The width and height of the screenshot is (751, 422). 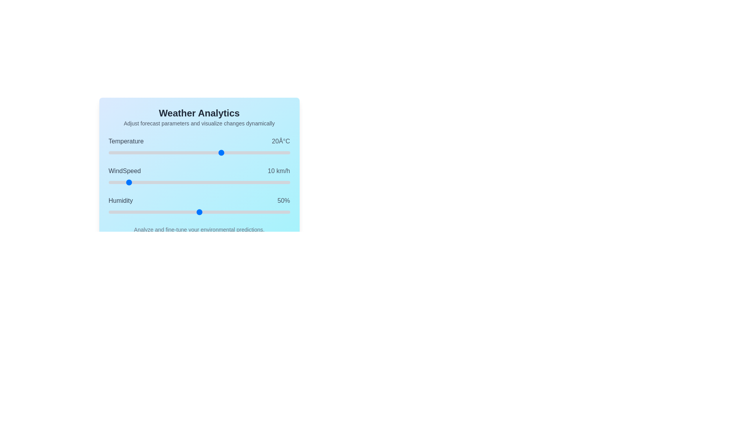 I want to click on the WindSpeed slider to 86 km/h, so click(x=264, y=182).